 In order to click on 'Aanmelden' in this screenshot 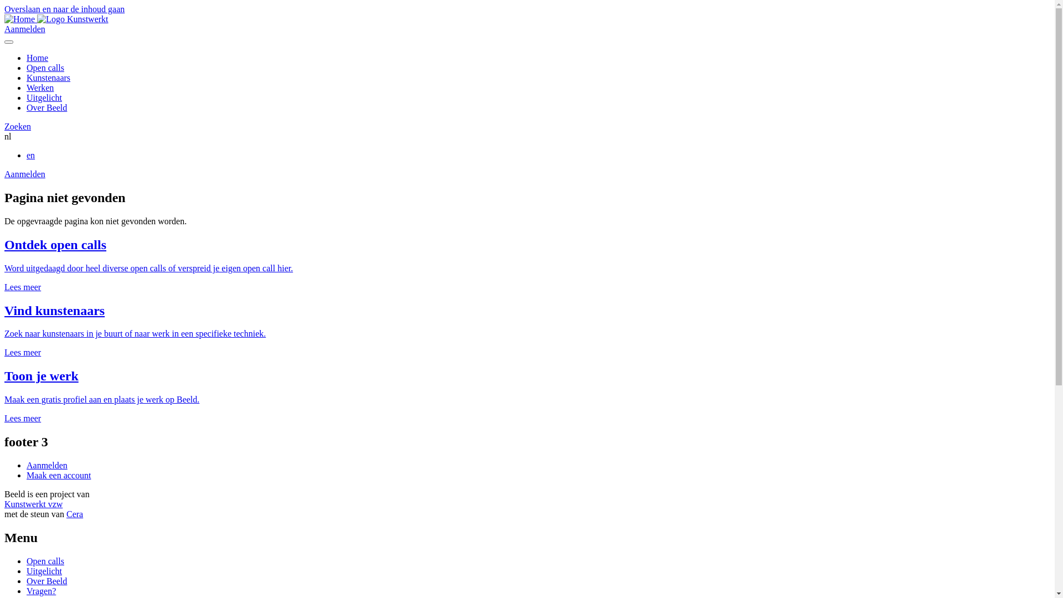, I will do `click(24, 28)`.